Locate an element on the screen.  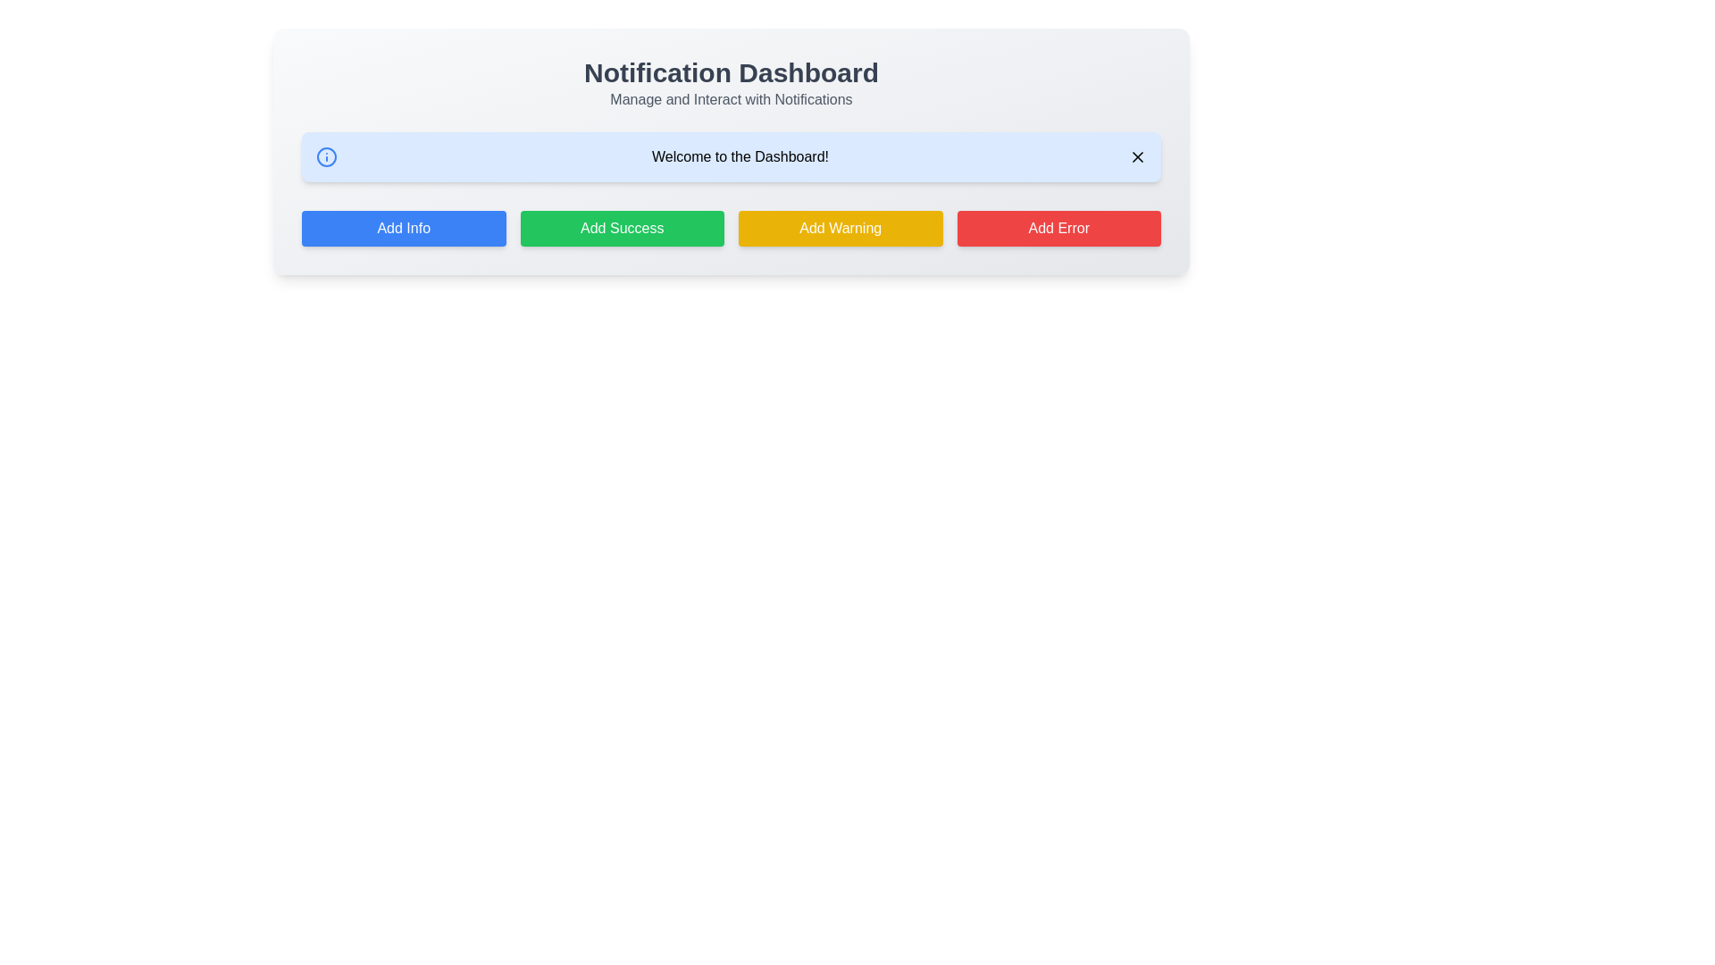
the informational icon located to the left of the 'Welcome to the Dashboard!' message to observe its contextual meaning is located at coordinates (326, 156).